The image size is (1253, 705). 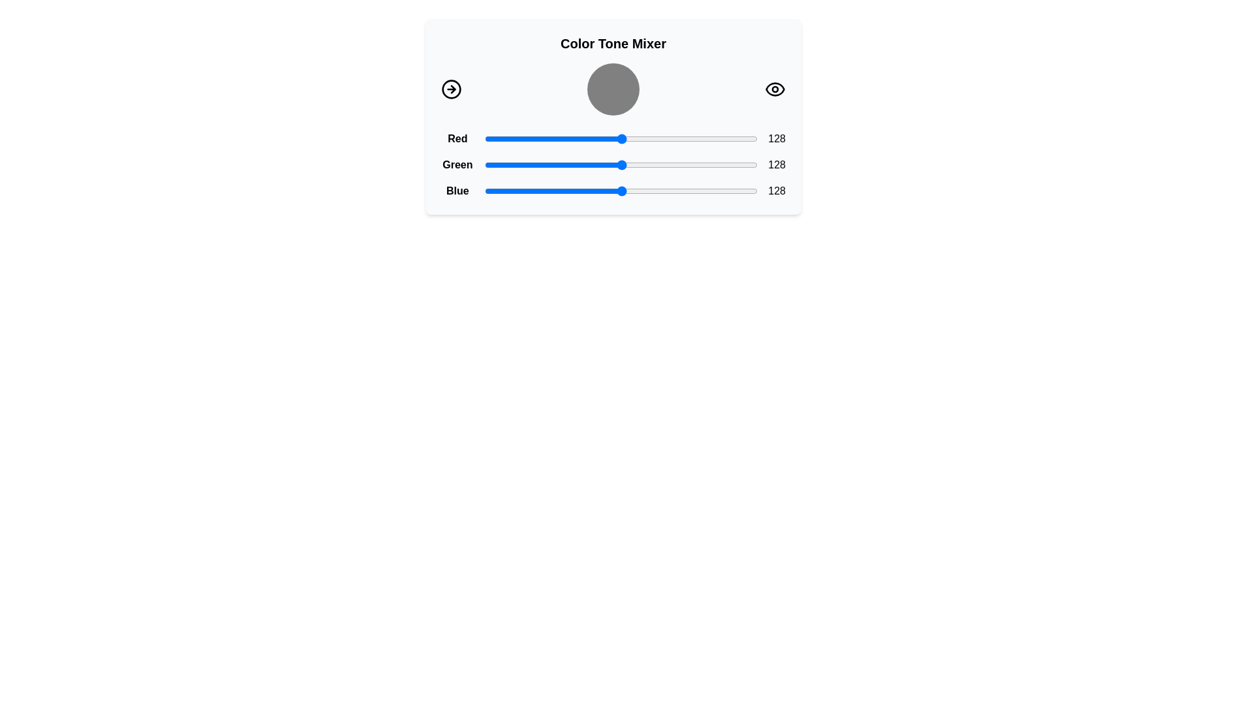 What do you see at coordinates (631, 138) in the screenshot?
I see `the red component` at bounding box center [631, 138].